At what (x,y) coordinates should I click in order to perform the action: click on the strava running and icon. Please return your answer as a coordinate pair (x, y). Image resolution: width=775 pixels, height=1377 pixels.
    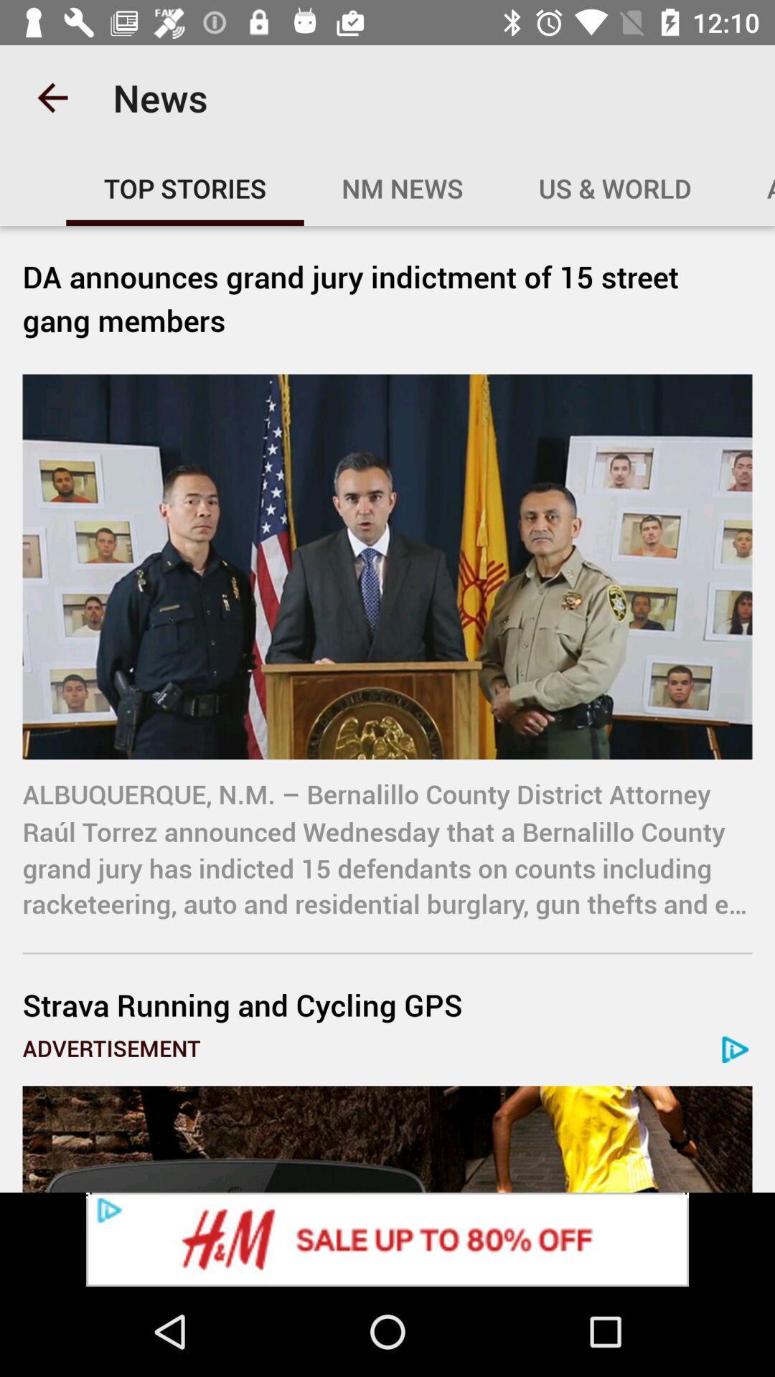
    Looking at the image, I should click on (387, 1004).